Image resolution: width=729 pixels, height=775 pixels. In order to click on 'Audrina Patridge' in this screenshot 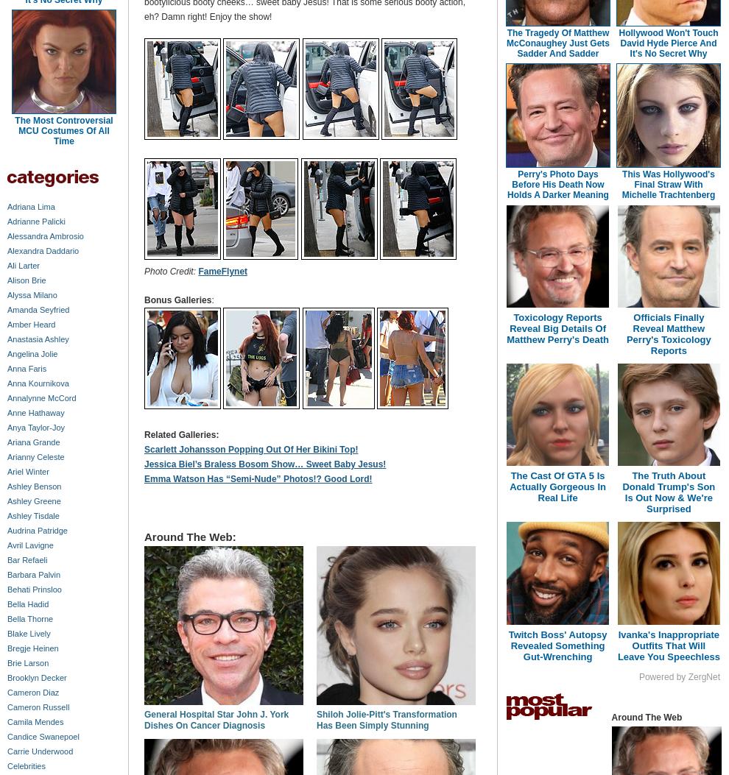, I will do `click(36, 529)`.